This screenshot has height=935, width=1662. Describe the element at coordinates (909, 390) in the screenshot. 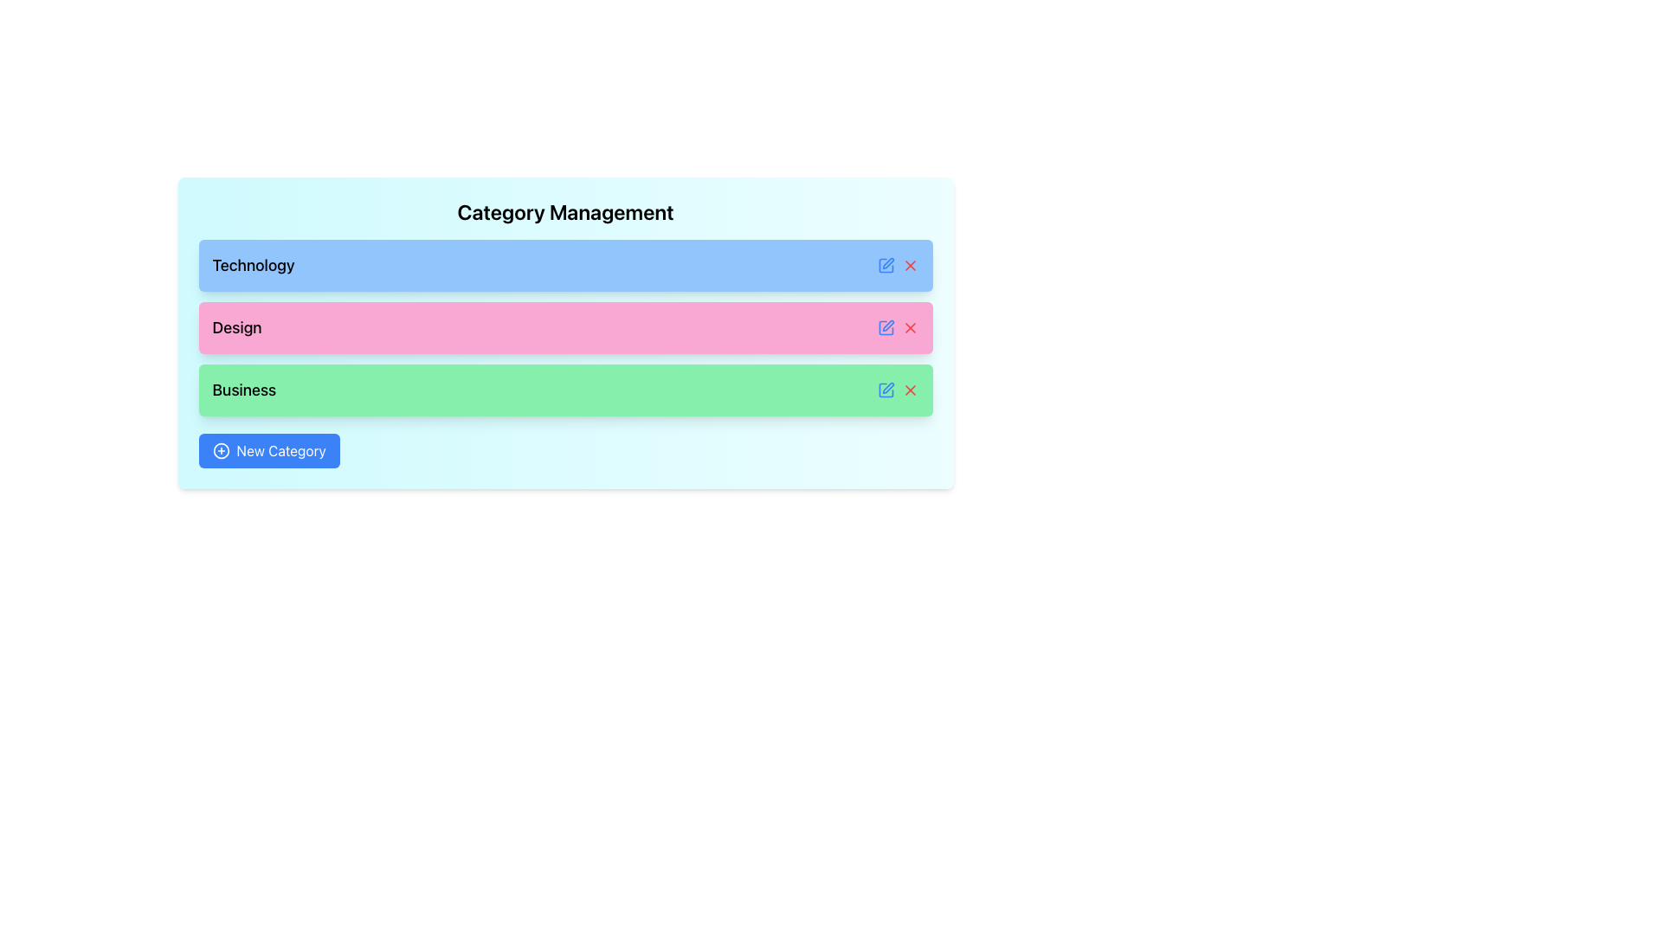

I see `the diagonal cross ('X') icon in the bottom-right corner of the green 'Business' category box` at that location.